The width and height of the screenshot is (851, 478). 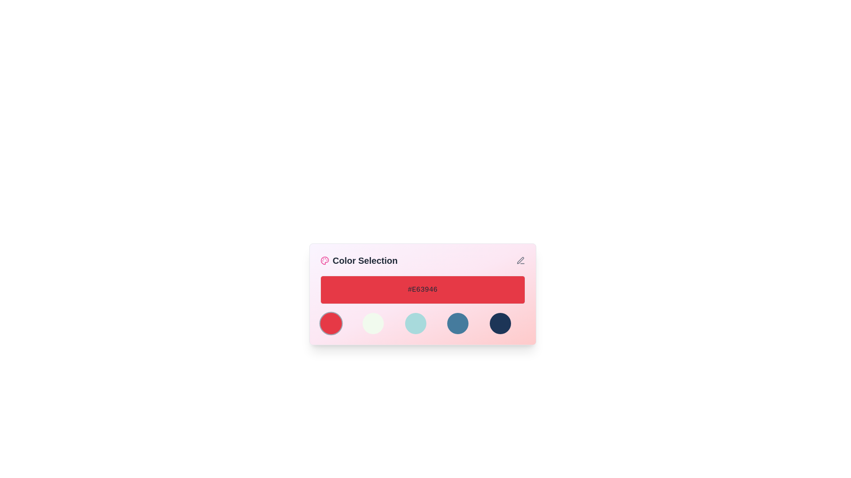 What do you see at coordinates (359, 260) in the screenshot?
I see `the 'Color Selection' label, which features a bold, sans-serif font in dark gray on a light pink background, and is accompanied by a pink palette icon to its left` at bounding box center [359, 260].